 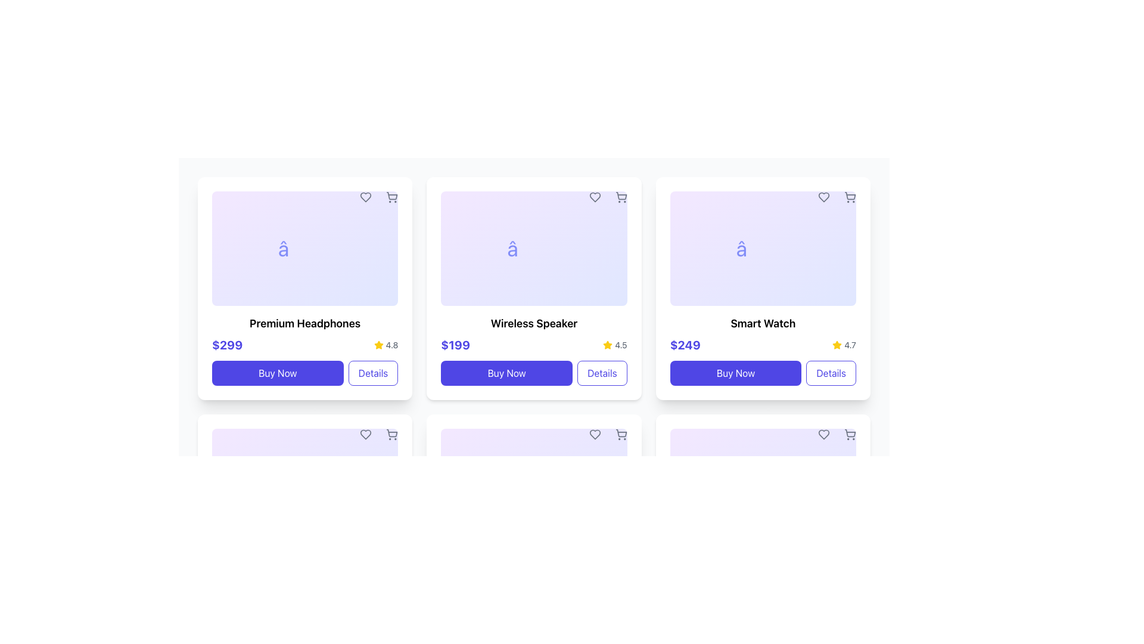 I want to click on the decorative textual component inside the card labeled 'Wireless Speaker', which is centrally aligned in the gradient area at the top of the card, so click(x=533, y=247).